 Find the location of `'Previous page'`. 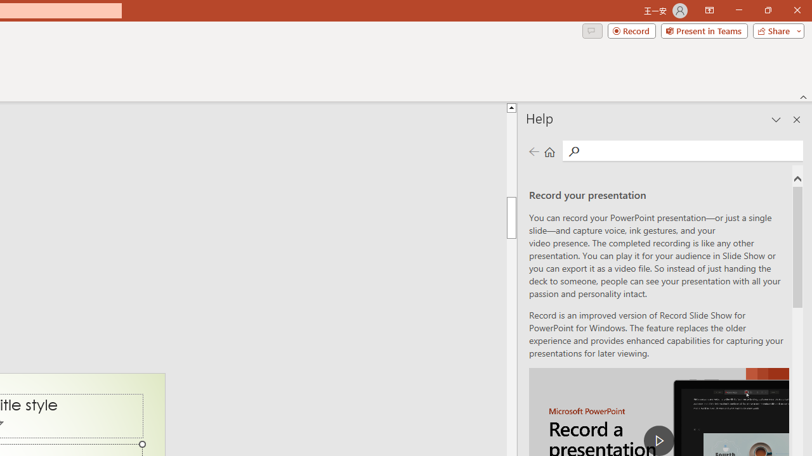

'Previous page' is located at coordinates (534, 151).